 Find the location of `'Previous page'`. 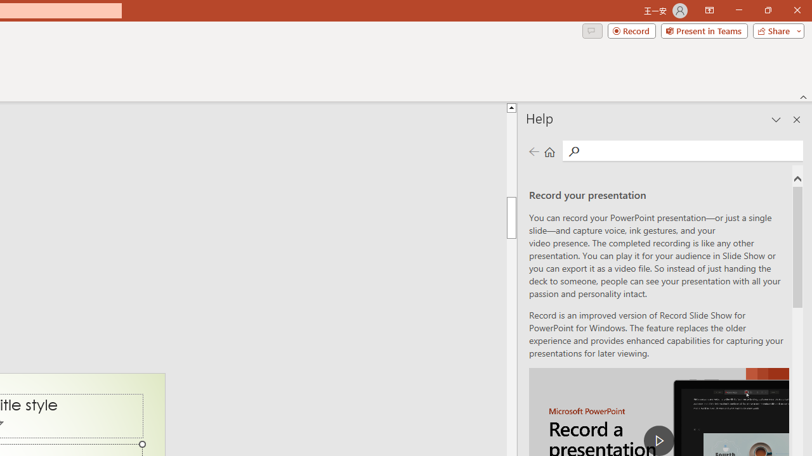

'Previous page' is located at coordinates (534, 151).